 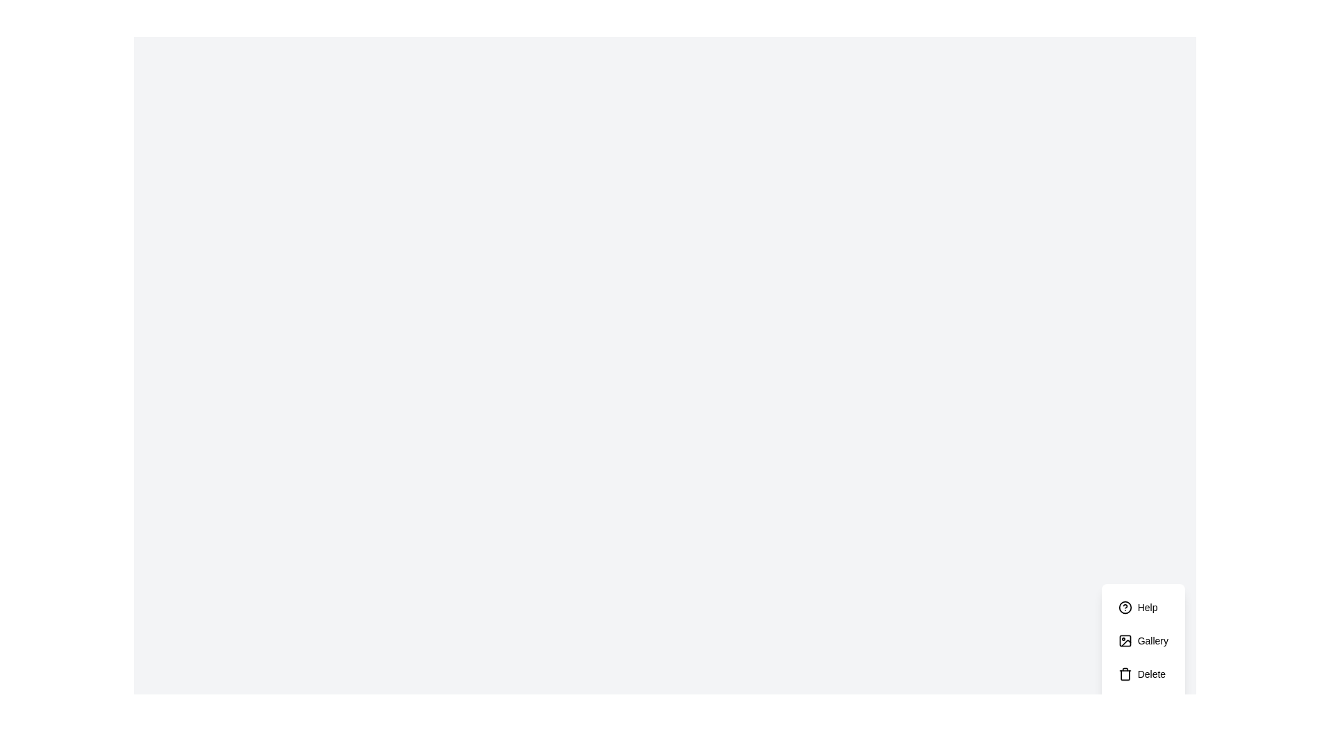 I want to click on the 'Delete' button, so click(x=1143, y=674).